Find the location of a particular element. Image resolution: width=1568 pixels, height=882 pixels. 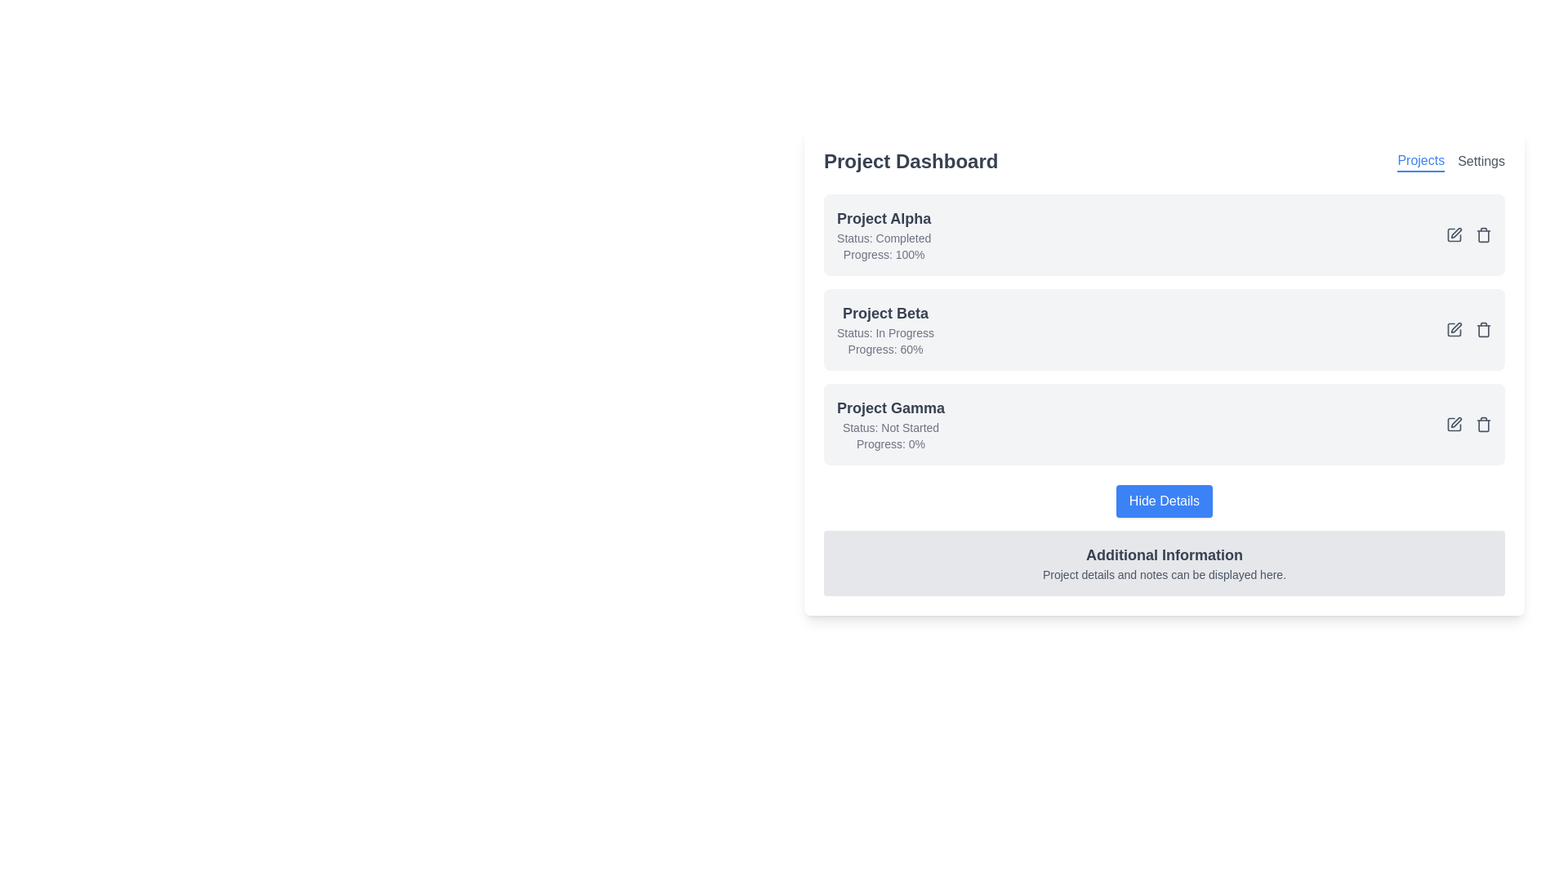

the trash bin icon button located to the right of the 'Project Gamma' entry, which is styled with a subtle design and neutral gray color scheme is located at coordinates (1484, 424).